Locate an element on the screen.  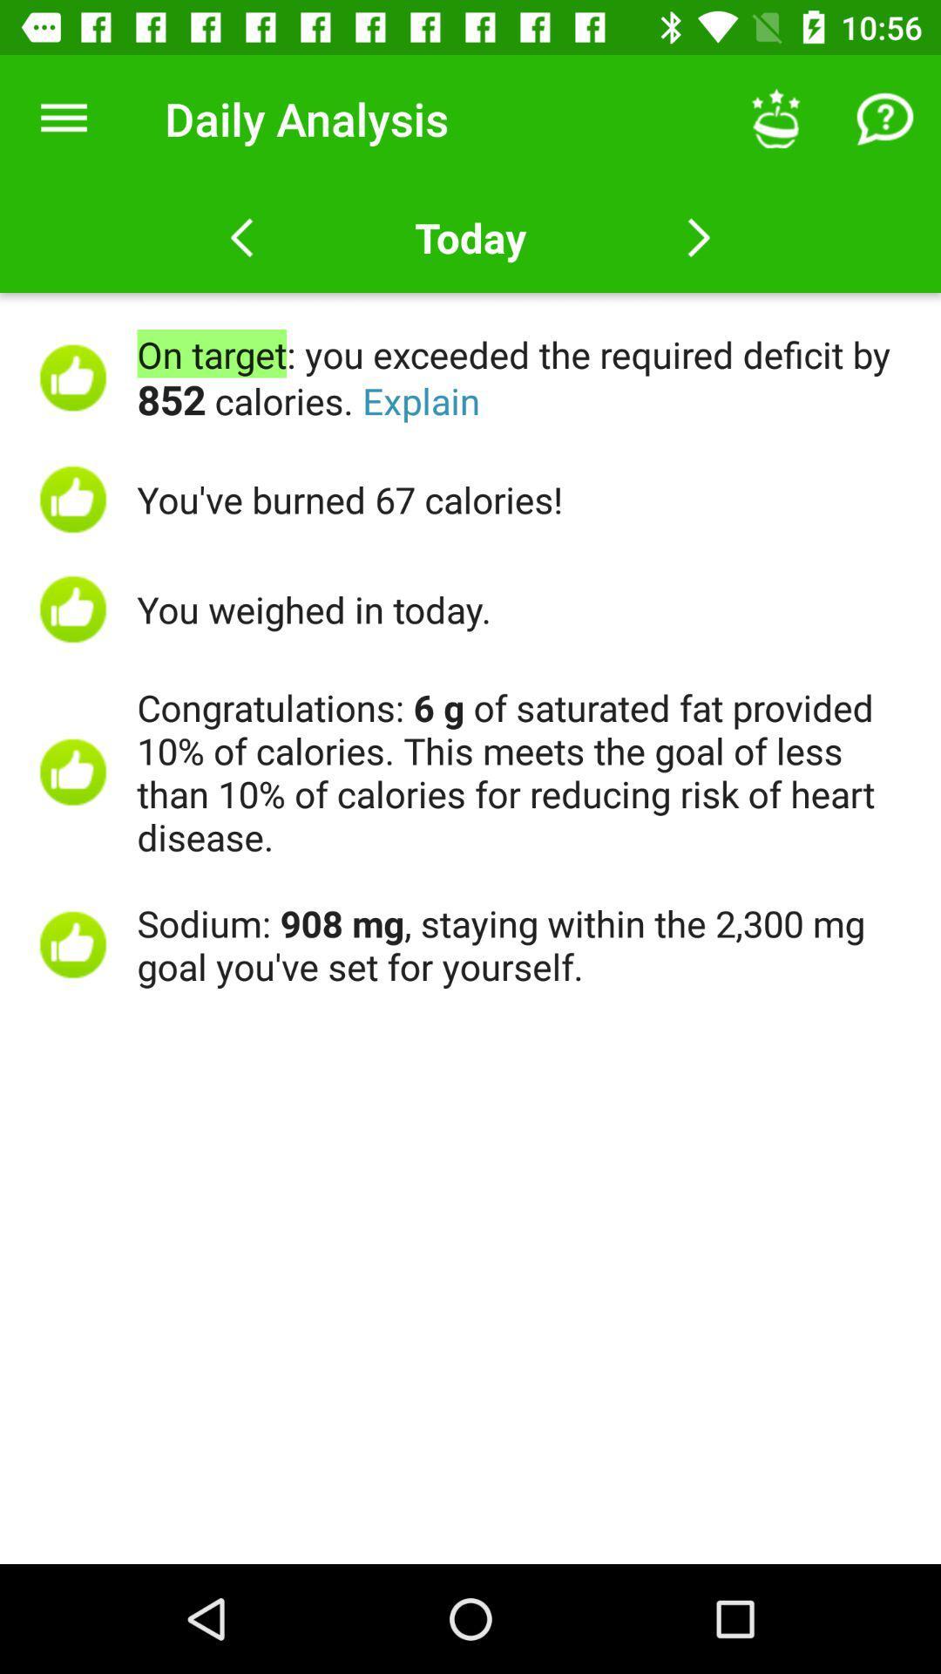
back button is located at coordinates (241, 237).